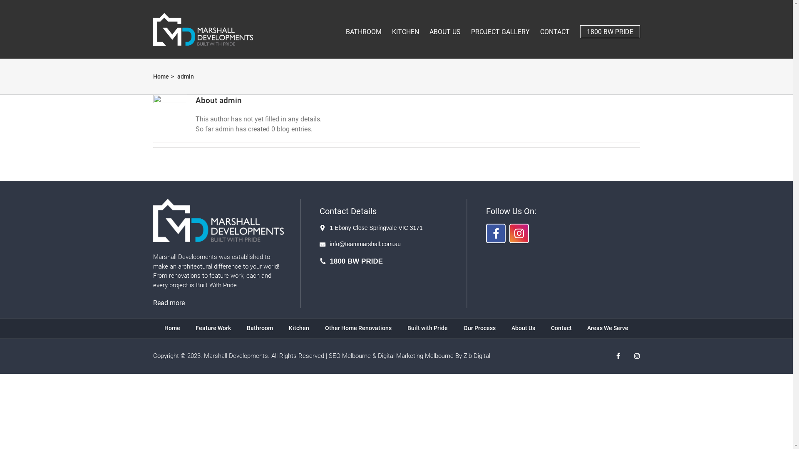 Image resolution: width=799 pixels, height=449 pixels. Describe the element at coordinates (405, 27) in the screenshot. I see `'KITCHEN'` at that location.